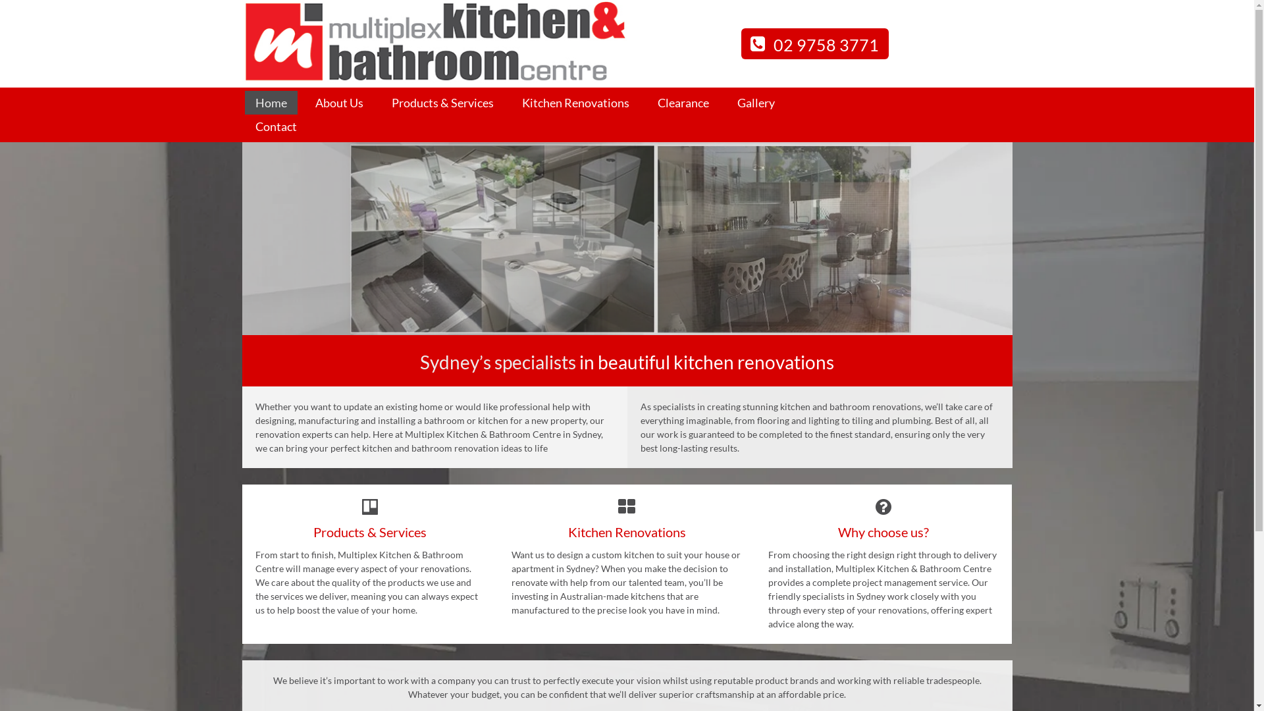 This screenshot has height=711, width=1264. Describe the element at coordinates (741, 43) in the screenshot. I see `'02 9758 3771'` at that location.